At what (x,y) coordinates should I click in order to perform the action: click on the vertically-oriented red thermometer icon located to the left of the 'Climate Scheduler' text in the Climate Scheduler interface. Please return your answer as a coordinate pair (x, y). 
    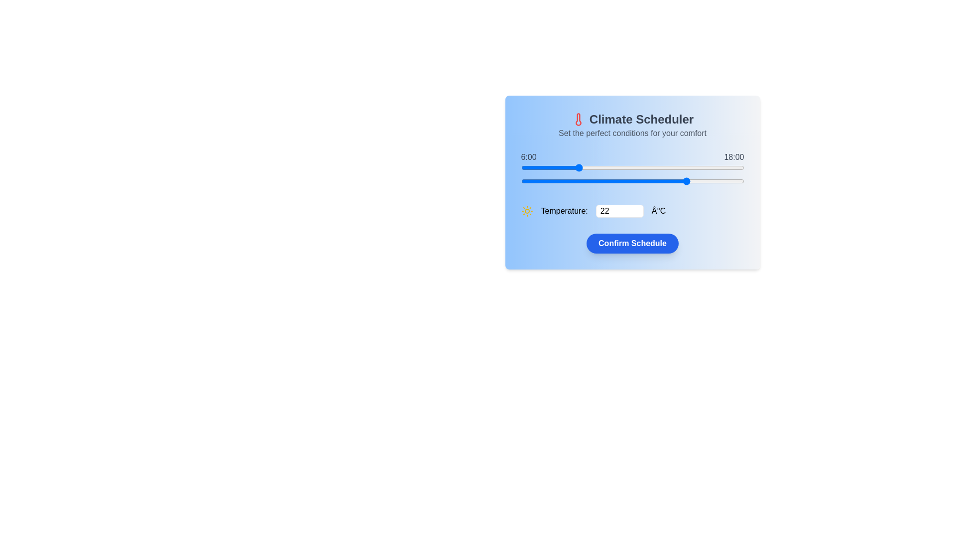
    Looking at the image, I should click on (578, 119).